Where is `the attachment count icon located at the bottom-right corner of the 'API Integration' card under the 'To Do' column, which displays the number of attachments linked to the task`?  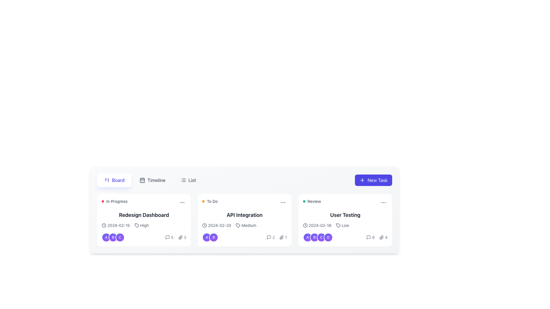
the attachment count icon located at the bottom-right corner of the 'API Integration' card under the 'To Do' column, which displays the number of attachments linked to the task is located at coordinates (283, 237).